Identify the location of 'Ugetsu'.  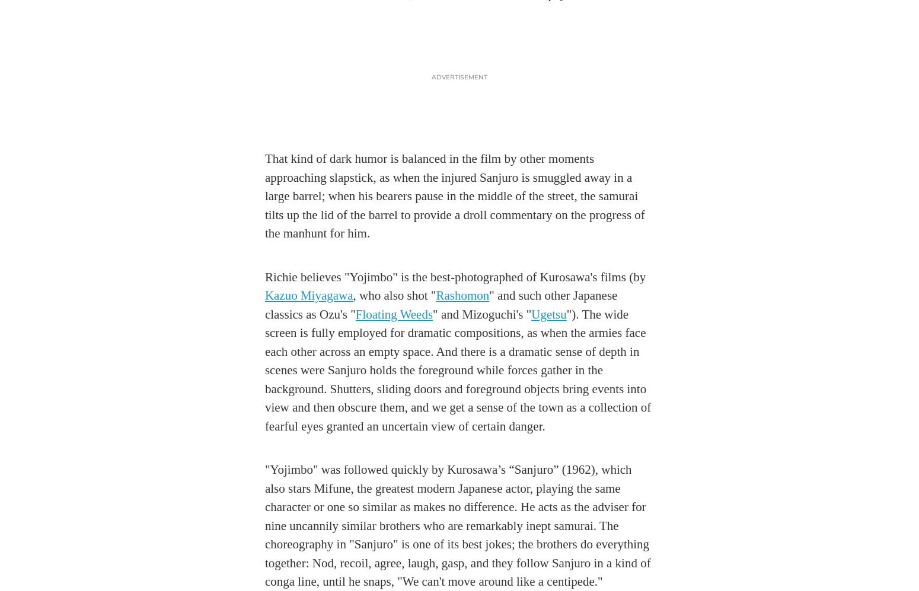
(531, 314).